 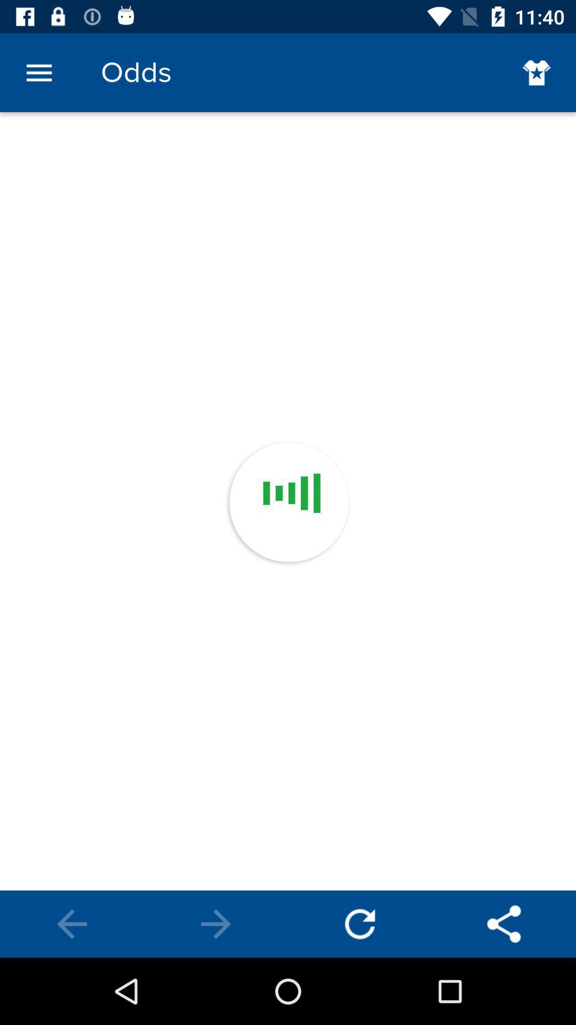 What do you see at coordinates (504, 924) in the screenshot?
I see `share button` at bounding box center [504, 924].